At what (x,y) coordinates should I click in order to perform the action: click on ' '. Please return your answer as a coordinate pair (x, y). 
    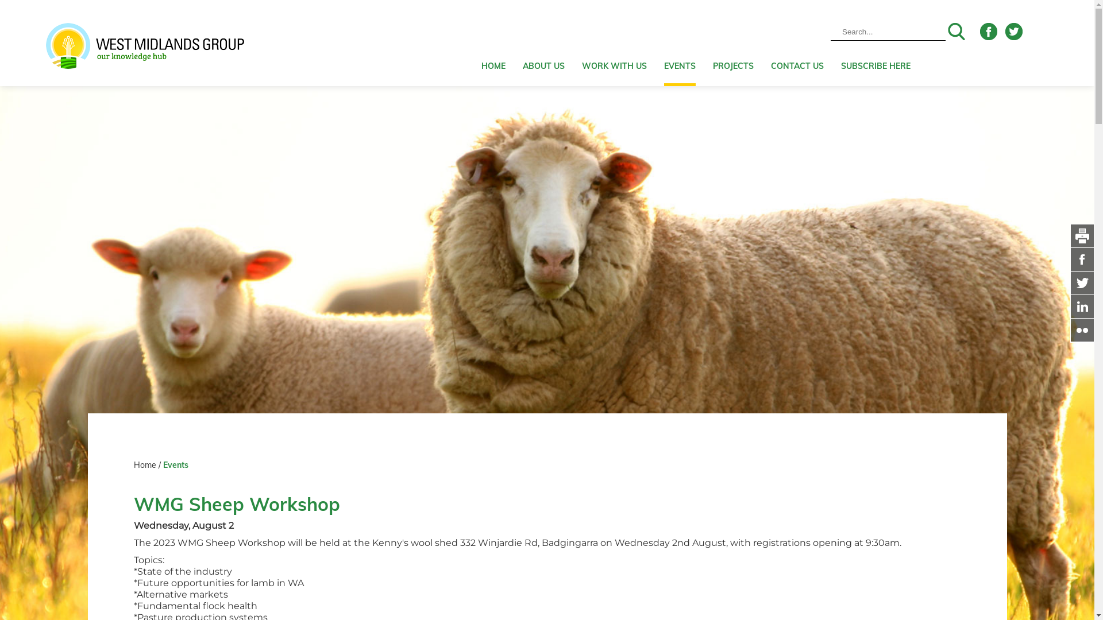
    Looking at the image, I should click on (1081, 259).